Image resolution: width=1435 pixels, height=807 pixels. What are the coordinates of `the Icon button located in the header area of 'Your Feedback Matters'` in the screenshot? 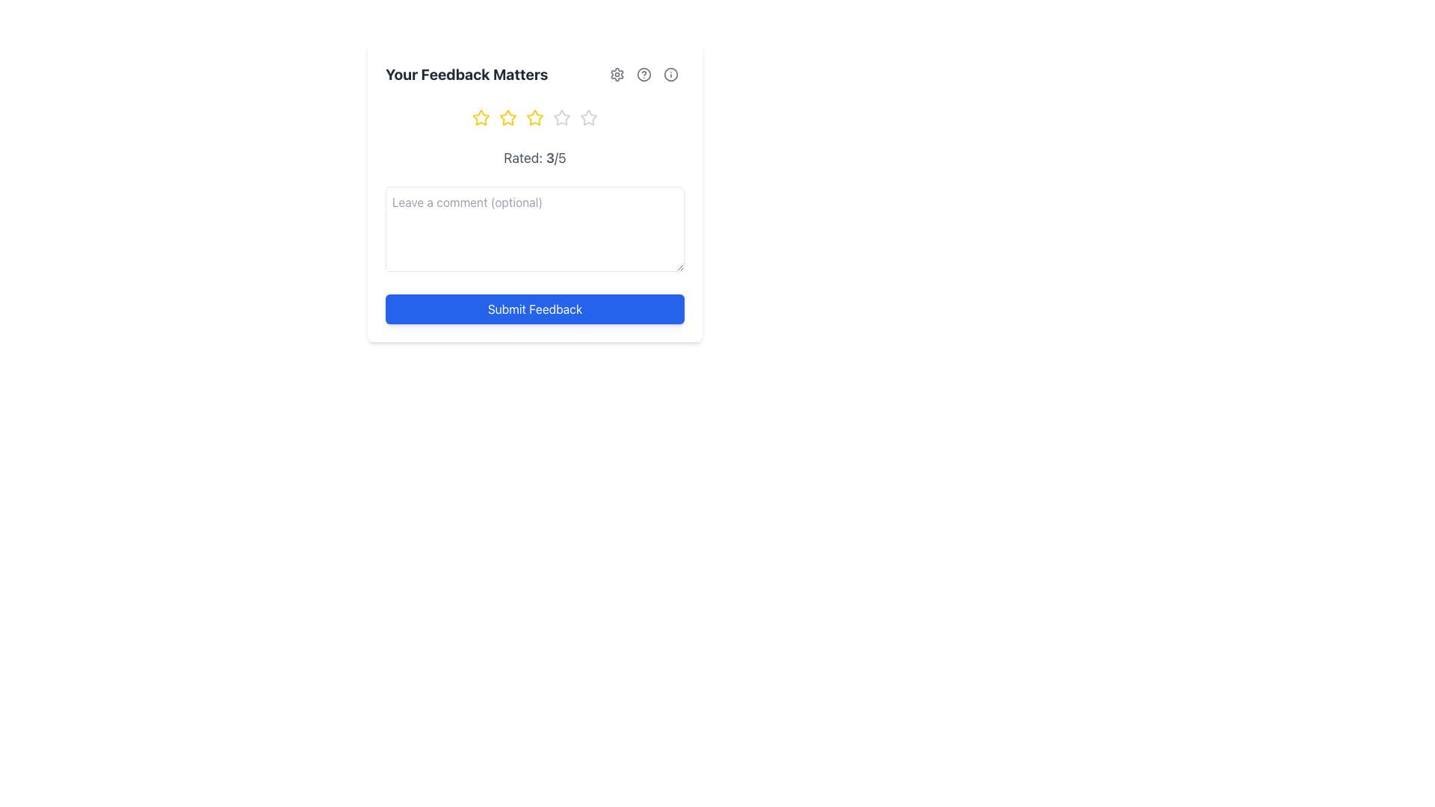 It's located at (617, 75).